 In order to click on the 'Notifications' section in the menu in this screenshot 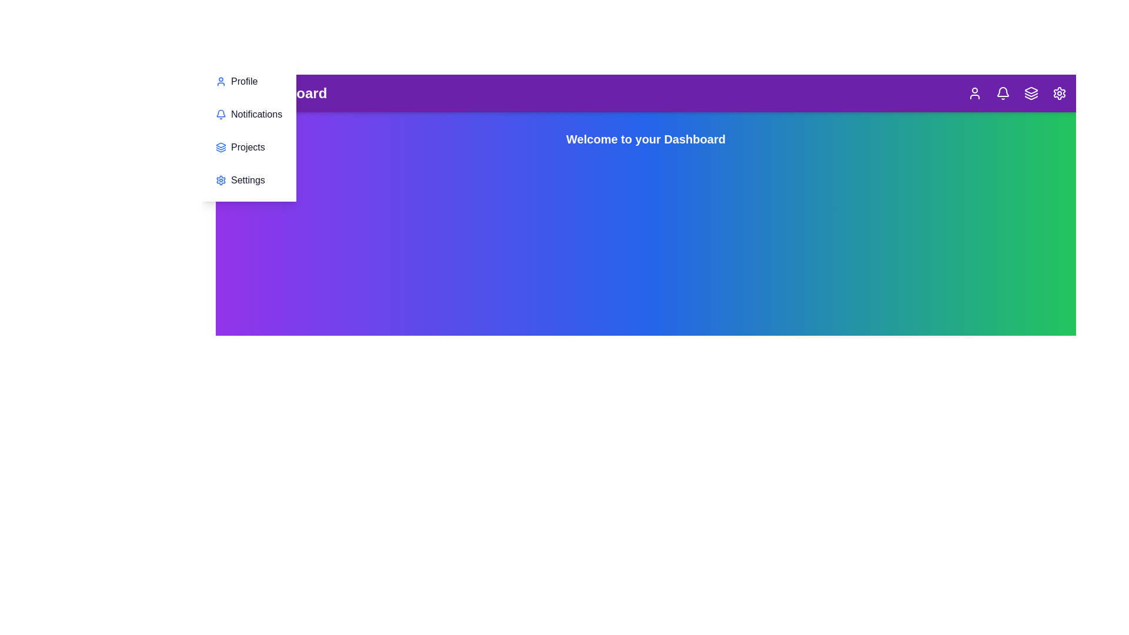, I will do `click(248, 115)`.